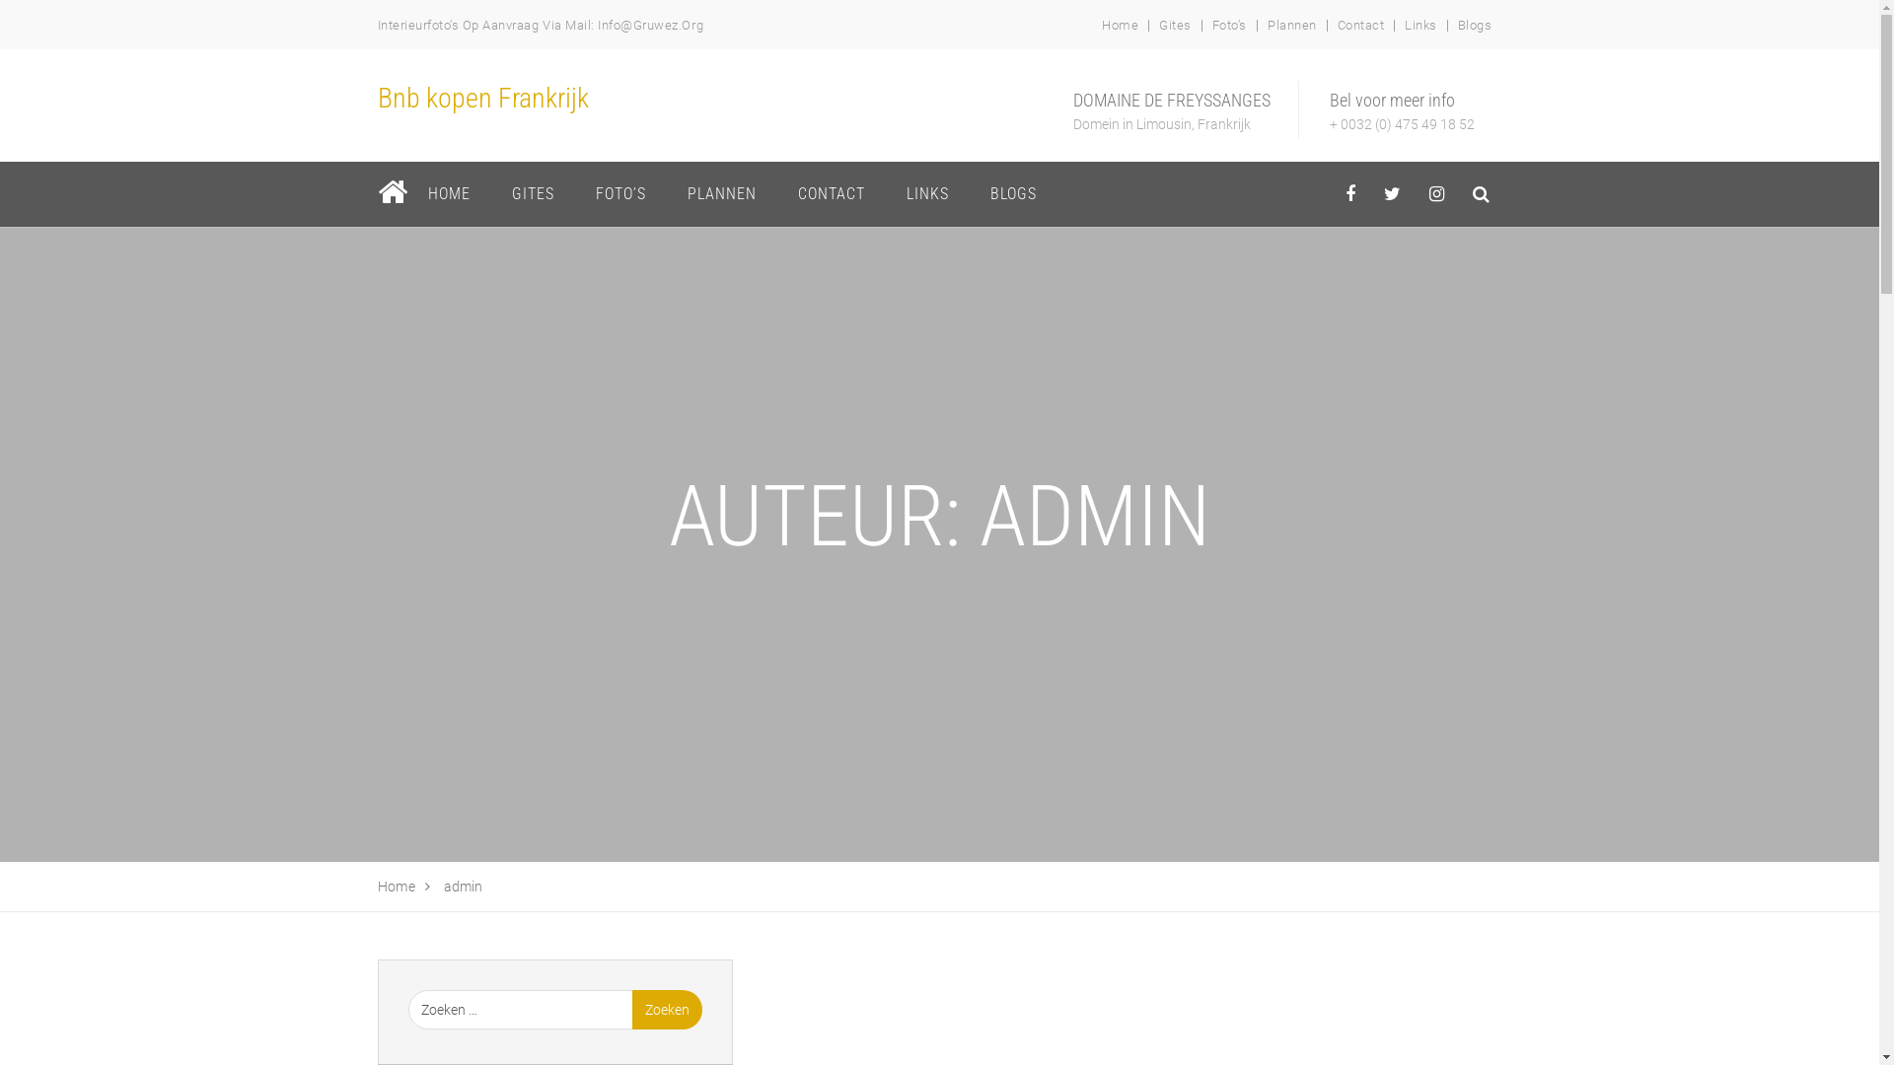  I want to click on 'Links', so click(1404, 25).